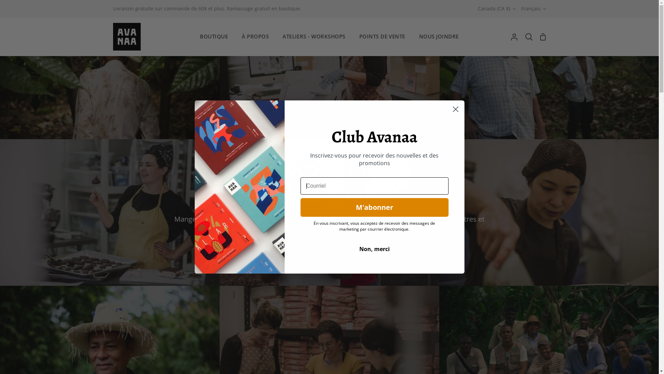 Image resolution: width=664 pixels, height=374 pixels. What do you see at coordinates (313, 36) in the screenshot?
I see `'ATELIERS - WORKSHOPS'` at bounding box center [313, 36].